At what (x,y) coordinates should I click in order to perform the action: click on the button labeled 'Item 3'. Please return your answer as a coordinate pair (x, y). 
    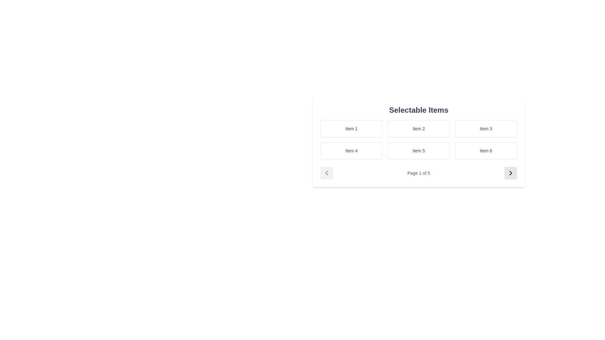
    Looking at the image, I should click on (486, 128).